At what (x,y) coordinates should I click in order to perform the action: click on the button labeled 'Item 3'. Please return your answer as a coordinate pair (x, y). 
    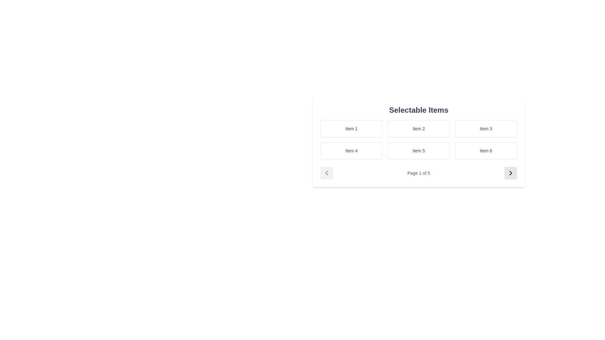
    Looking at the image, I should click on (486, 128).